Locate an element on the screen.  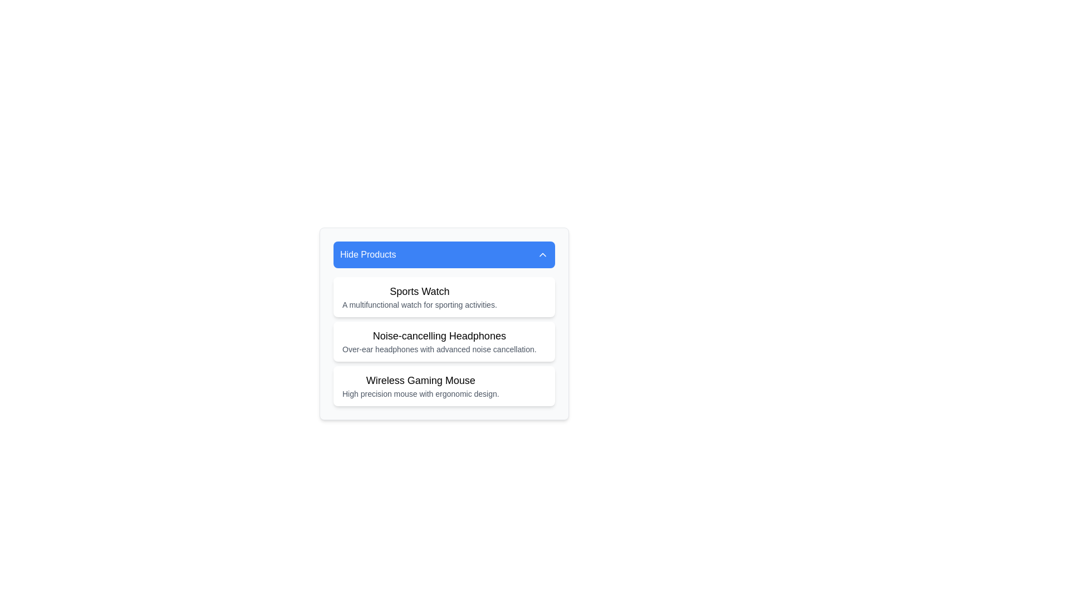
the title text label that identifies the first product card in the list, located above the description 'A multifunctional watch for sporting activities.' is located at coordinates (419, 291).